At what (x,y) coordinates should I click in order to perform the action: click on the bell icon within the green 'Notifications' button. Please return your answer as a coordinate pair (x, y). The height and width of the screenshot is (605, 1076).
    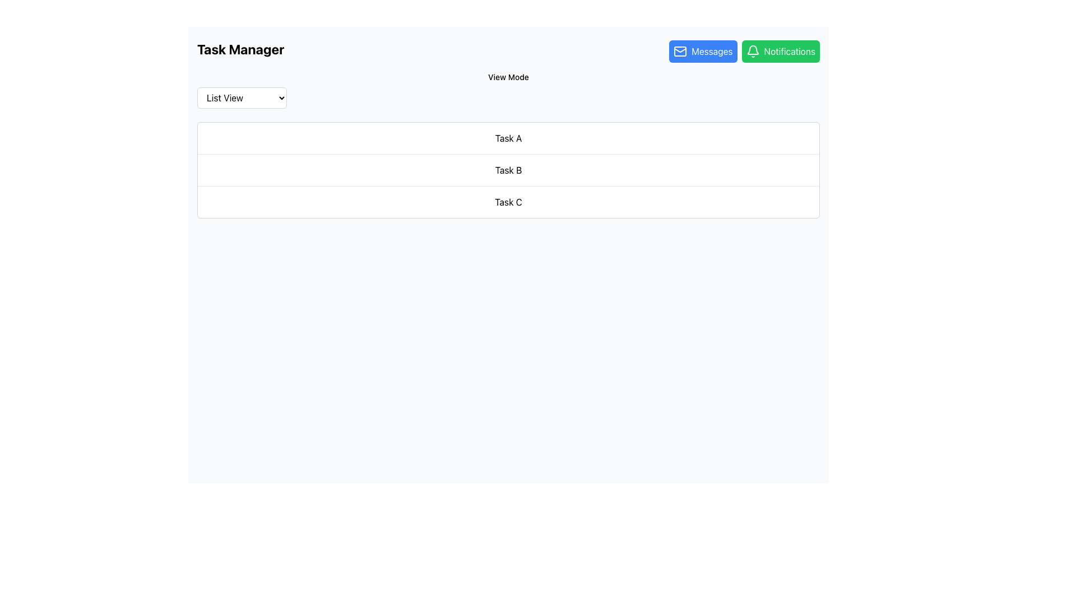
    Looking at the image, I should click on (753, 52).